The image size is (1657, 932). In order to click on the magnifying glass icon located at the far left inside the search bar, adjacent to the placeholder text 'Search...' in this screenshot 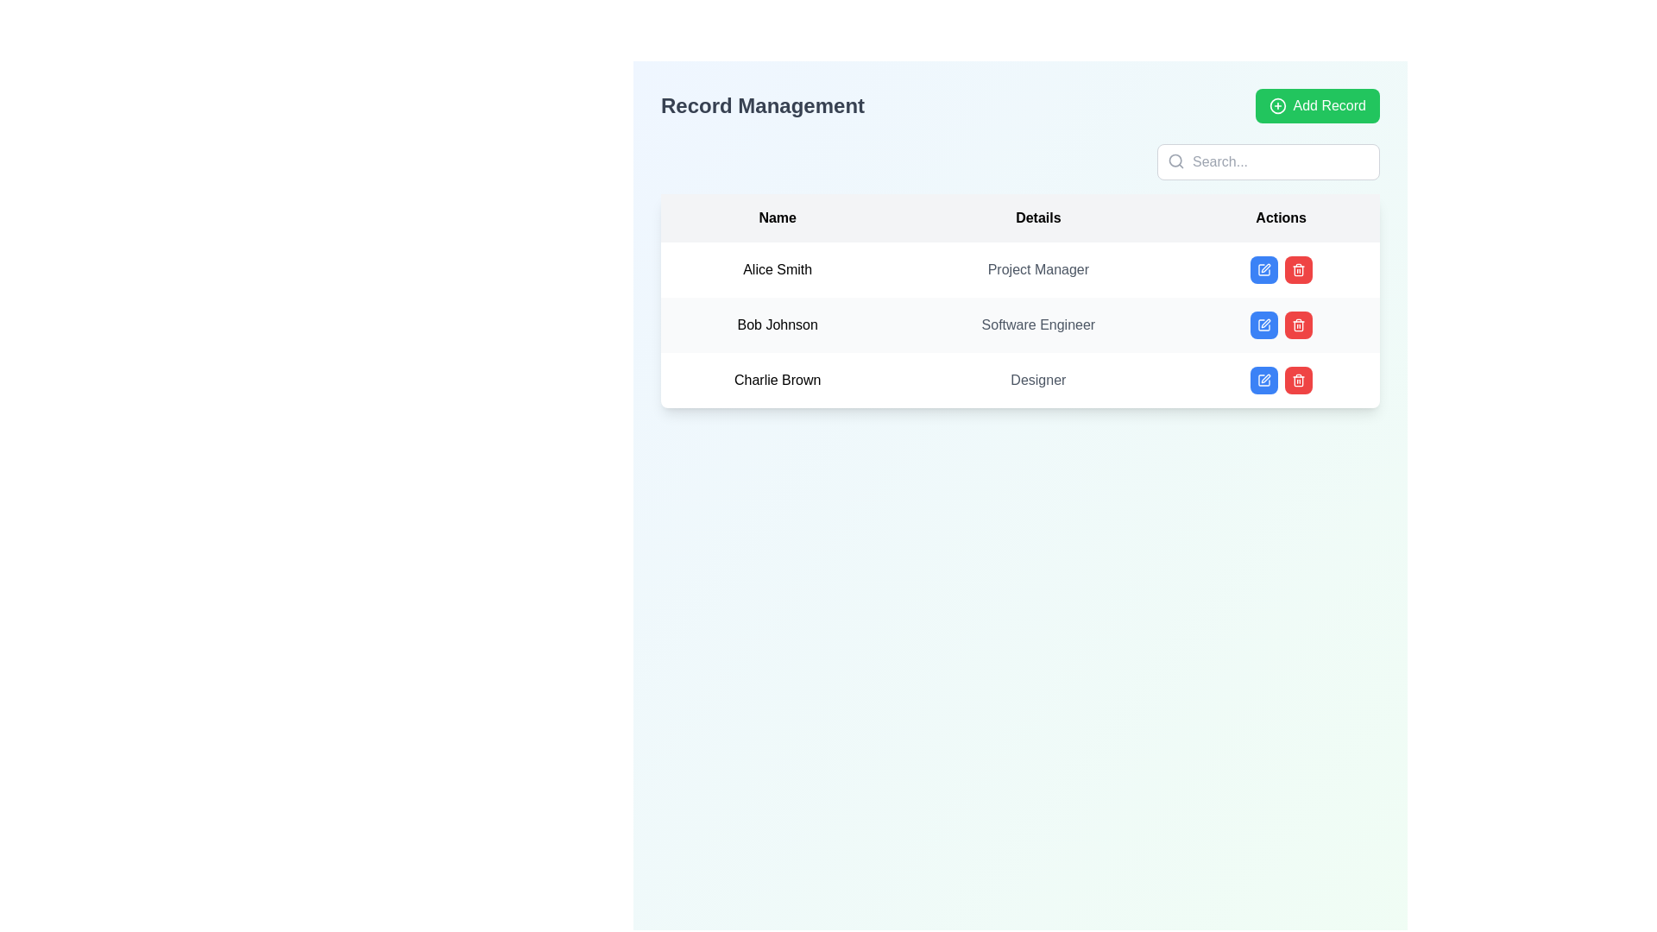, I will do `click(1175, 161)`.